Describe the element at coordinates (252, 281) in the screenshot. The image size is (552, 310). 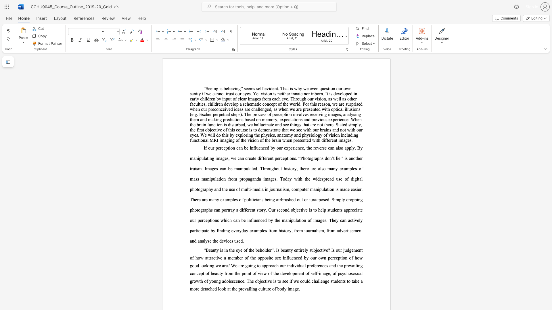
I see `the subset text "e objective is to see if we could challenge students to take a more detached look at the prevailing culture of bod" within the text "“Beauty is in the eye of the beholder”. Is beauty entirely subjective? Is our judgement of how attractive a member of the opposite sex influenced by our own perception of how good looking we are? We are going to approach our individual preferences and the prevailing concept of beauty from the point of view of the development of self-image, of psychosexual growth of young adolescence. The objective is to see if we could challenge students to take a more detached look at the prevailing culture of body image."` at that location.